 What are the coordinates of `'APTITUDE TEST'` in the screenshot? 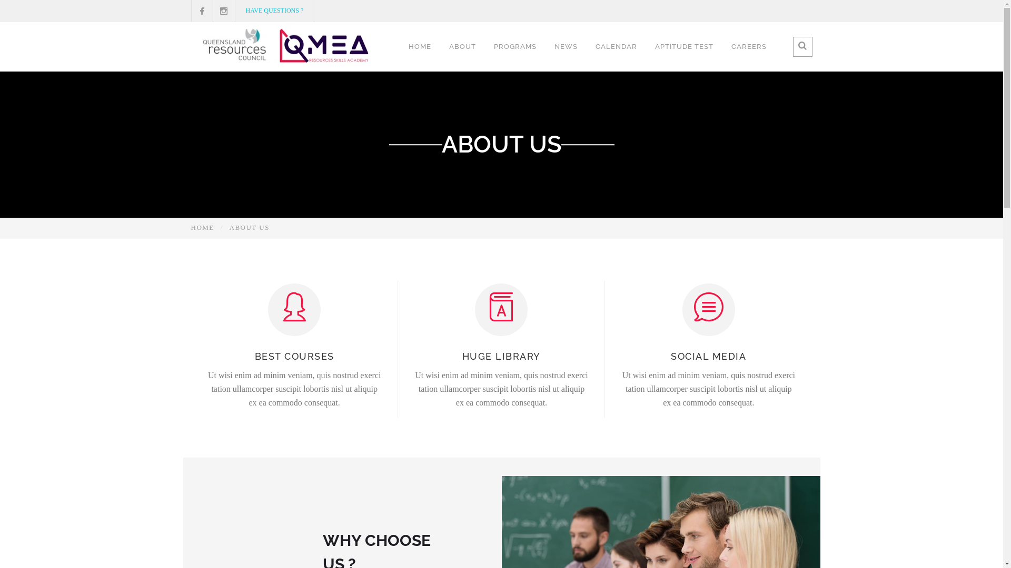 It's located at (654, 46).